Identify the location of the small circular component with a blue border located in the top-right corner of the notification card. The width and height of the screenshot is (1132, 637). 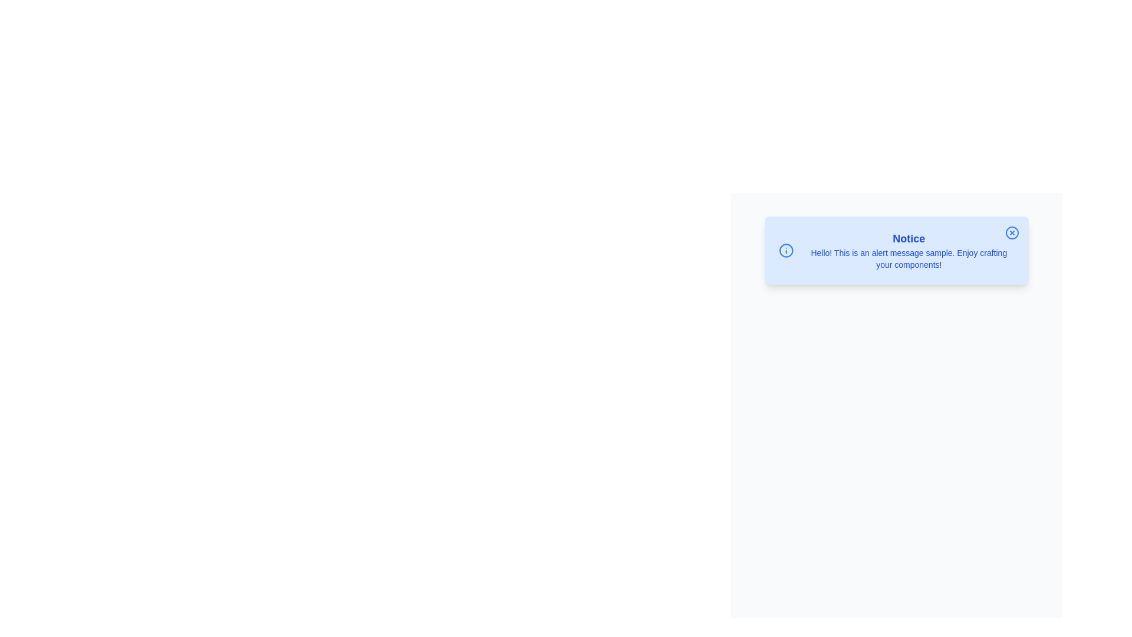
(1012, 232).